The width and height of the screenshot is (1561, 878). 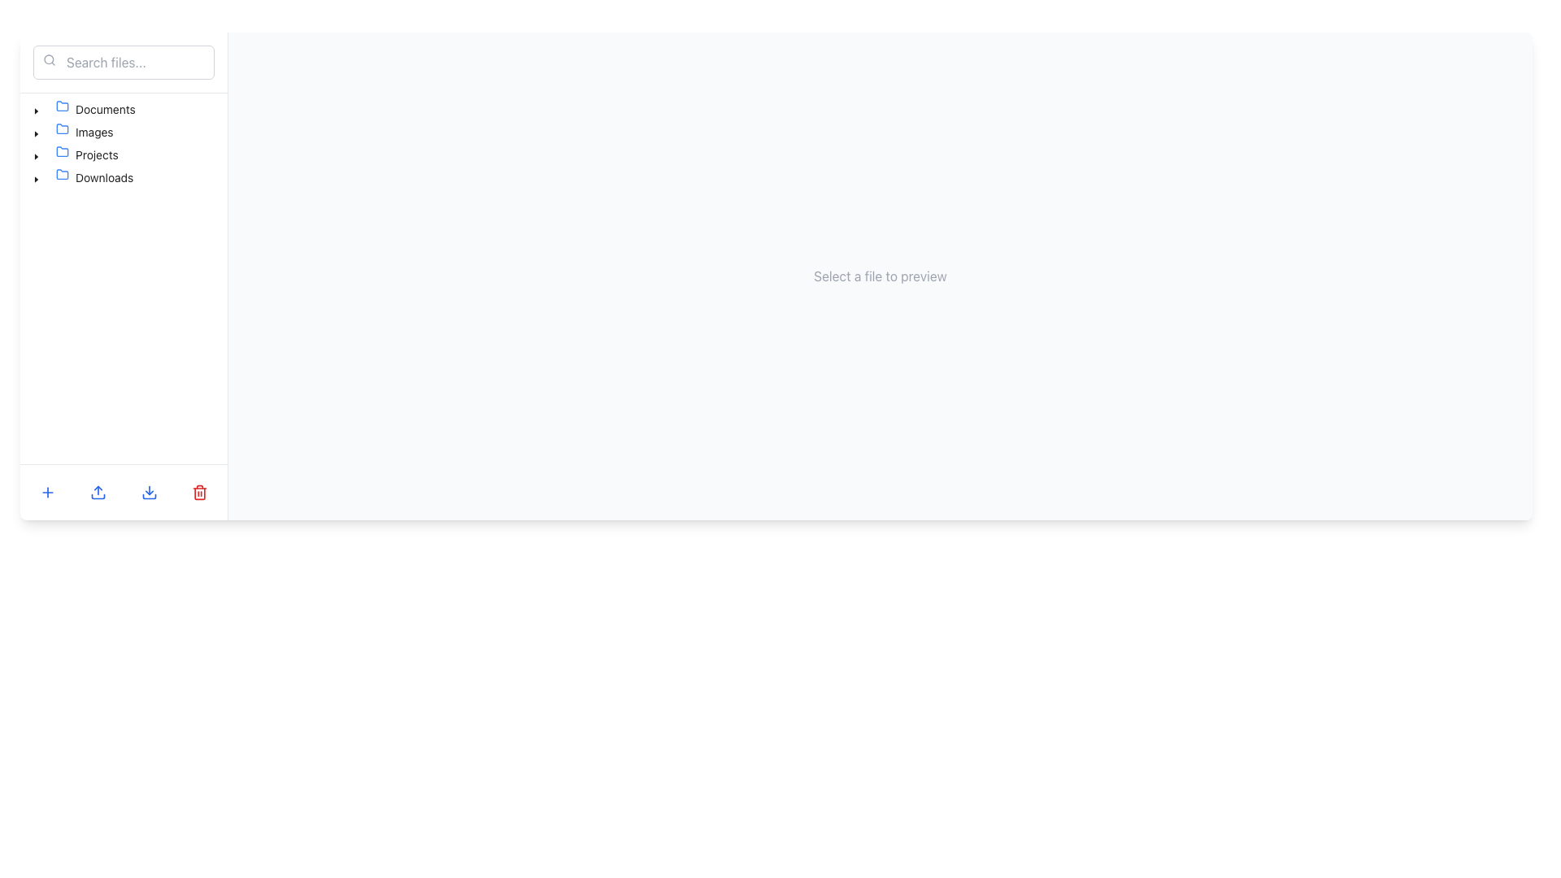 What do you see at coordinates (47, 491) in the screenshot?
I see `the blue plus icon button located at the bottom left corner of the interface` at bounding box center [47, 491].